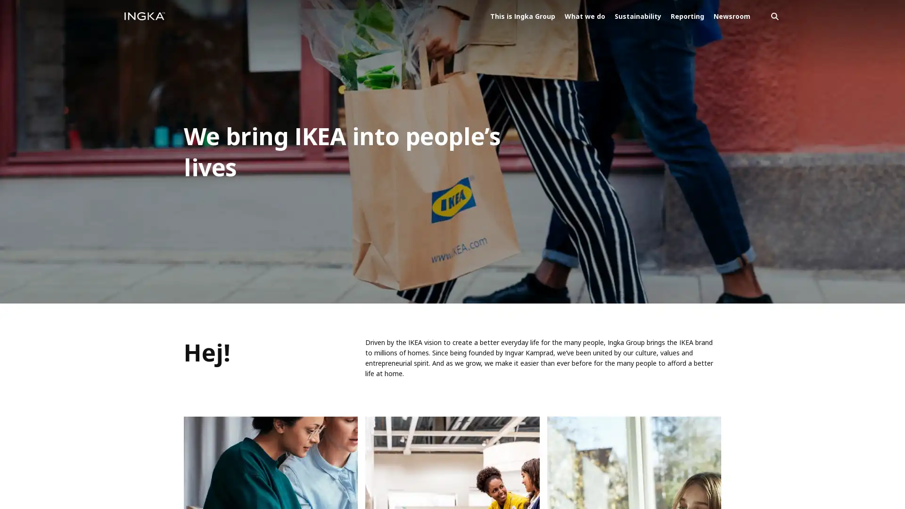 The height and width of the screenshot is (509, 905). I want to click on Accept All Cookies, so click(64, 472).